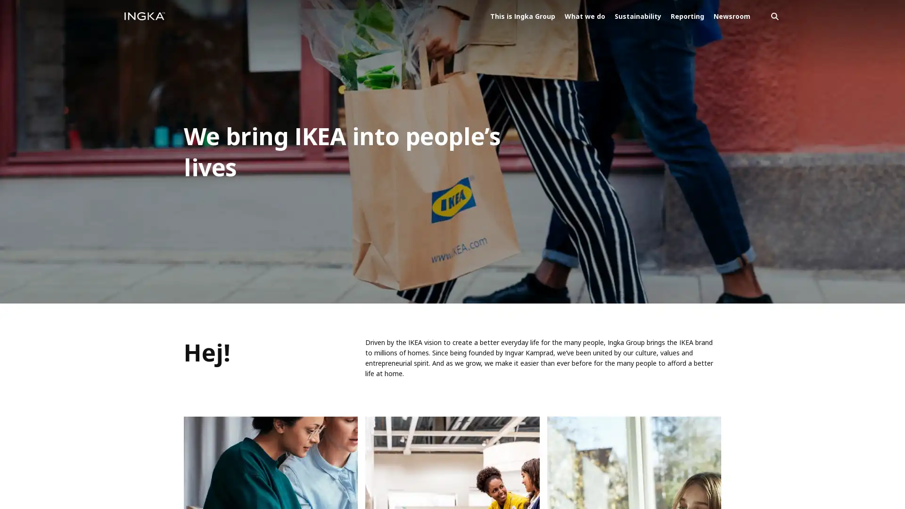 The height and width of the screenshot is (509, 905). I want to click on Accept All Cookies, so click(64, 472).